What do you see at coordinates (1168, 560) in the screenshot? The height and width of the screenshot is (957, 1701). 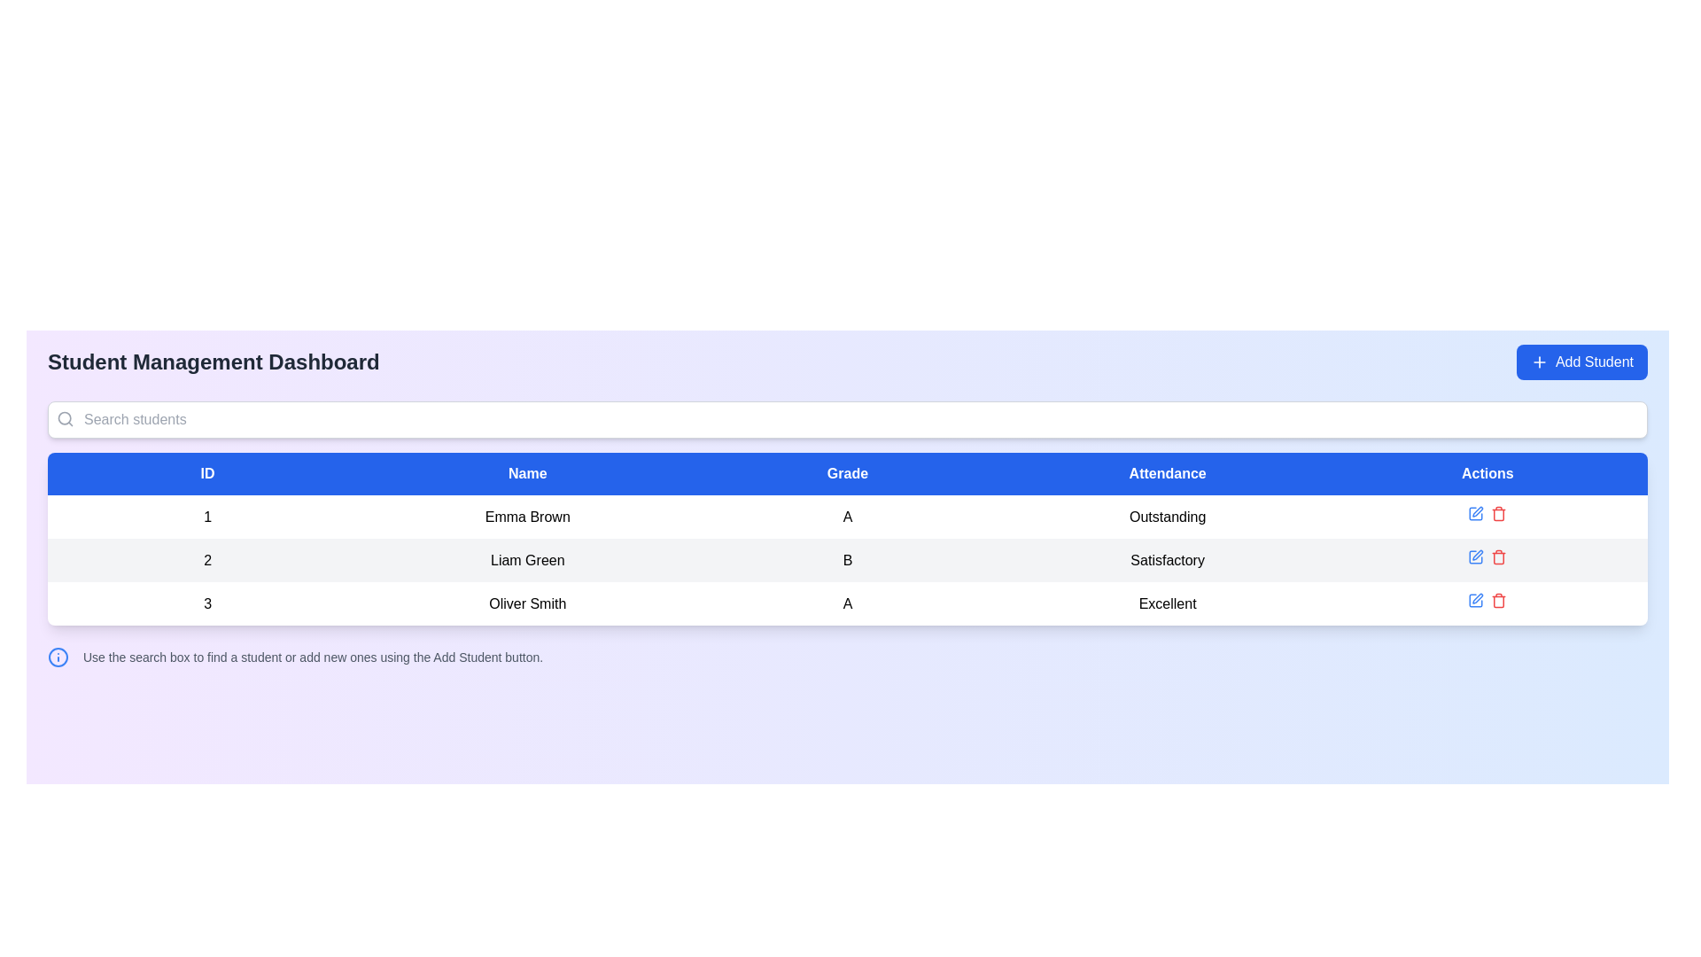 I see `the 'Satisfactory' attendance status label for the student 'Liam Green' in the fourth column of the student management table` at bounding box center [1168, 560].